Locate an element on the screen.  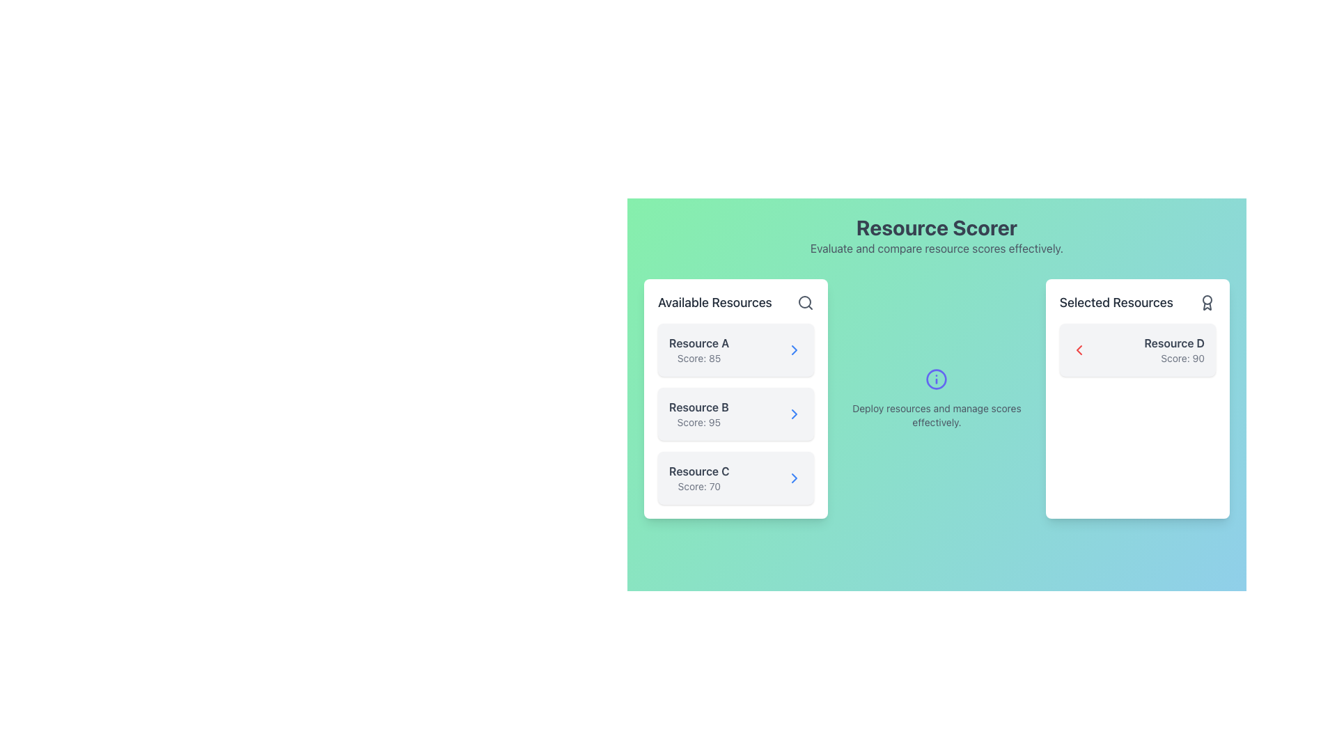
the informational icon positioned centrally between the 'Available Resources' and 'Selected Resources' panels is located at coordinates (937, 379).